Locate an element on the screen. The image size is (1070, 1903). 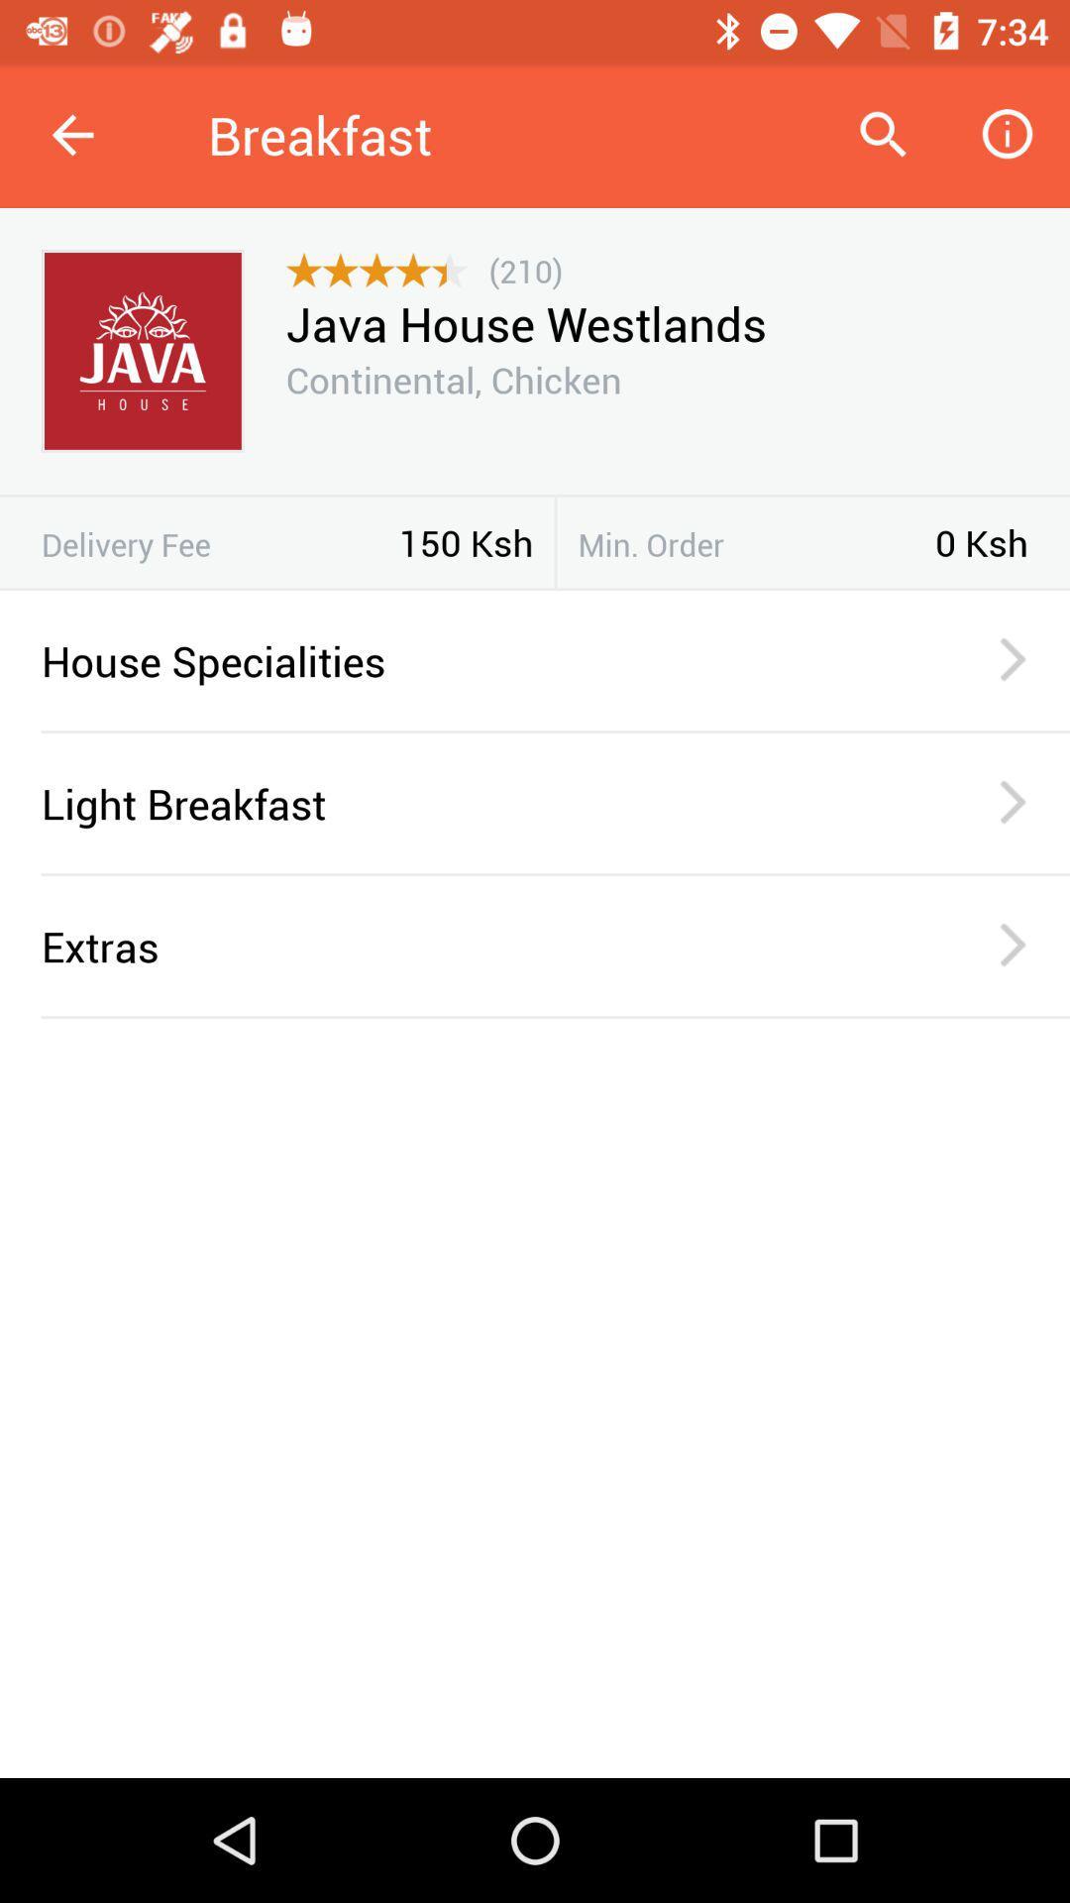
the icon below 150 ksh icon is located at coordinates (535, 588).